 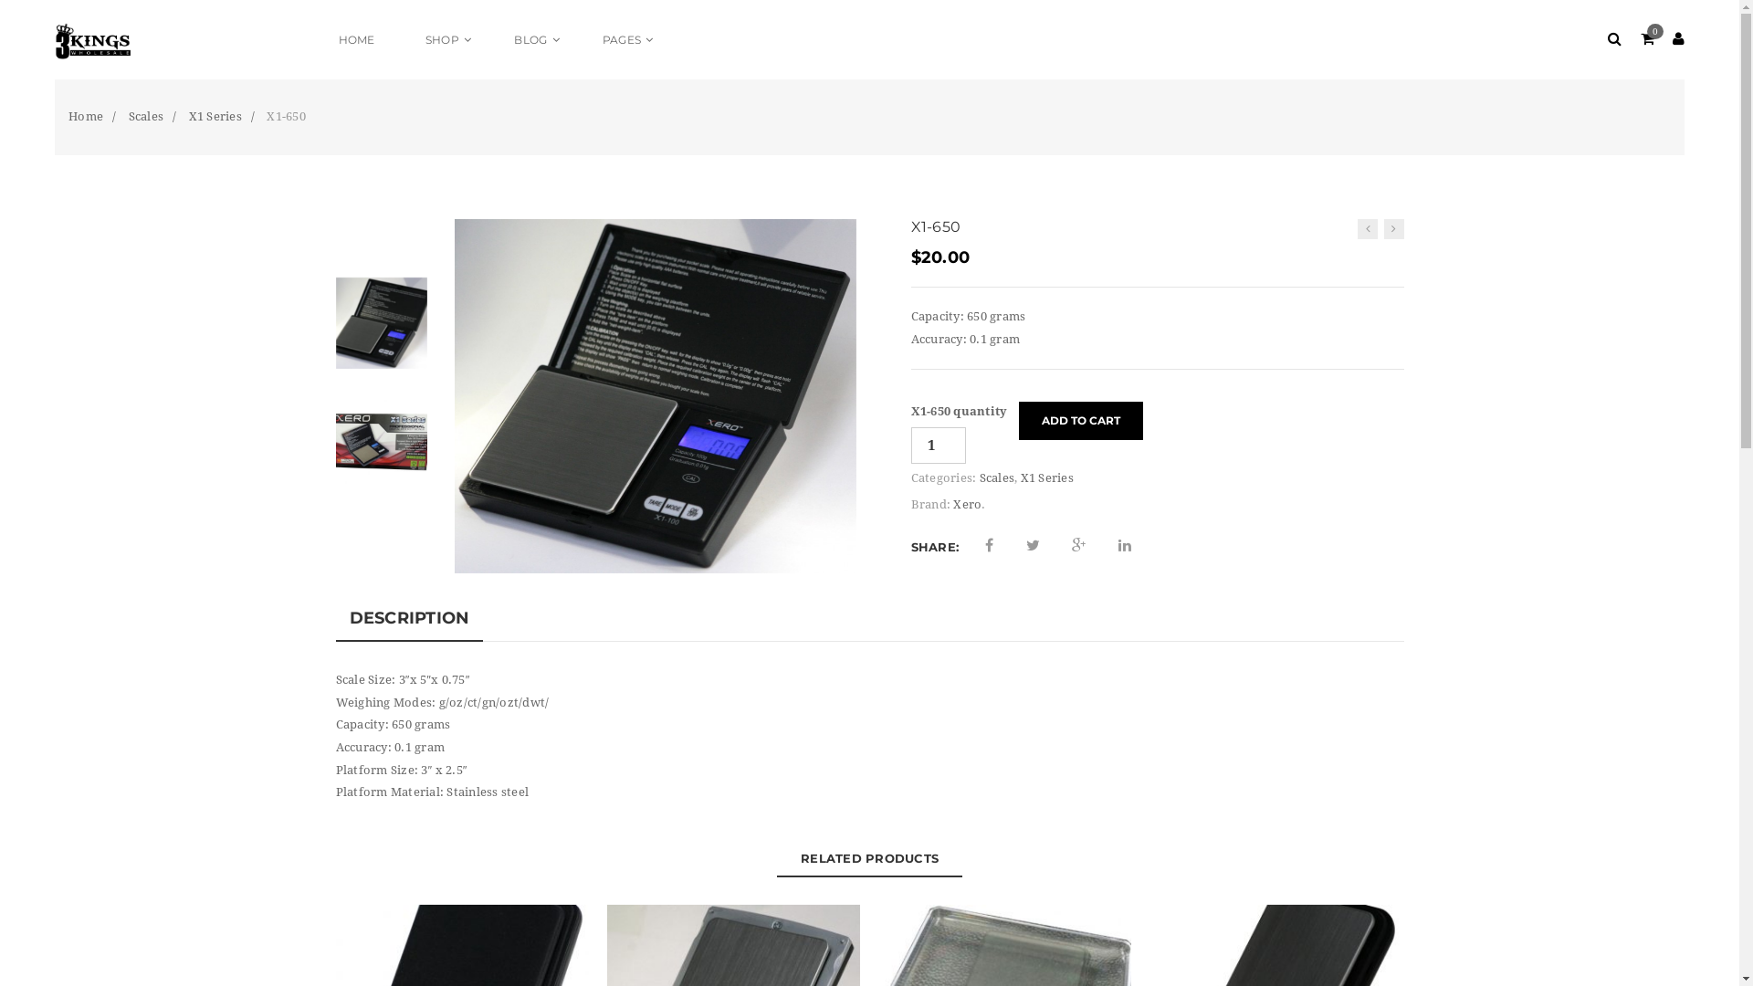 What do you see at coordinates (356, 39) in the screenshot?
I see `'HOME'` at bounding box center [356, 39].